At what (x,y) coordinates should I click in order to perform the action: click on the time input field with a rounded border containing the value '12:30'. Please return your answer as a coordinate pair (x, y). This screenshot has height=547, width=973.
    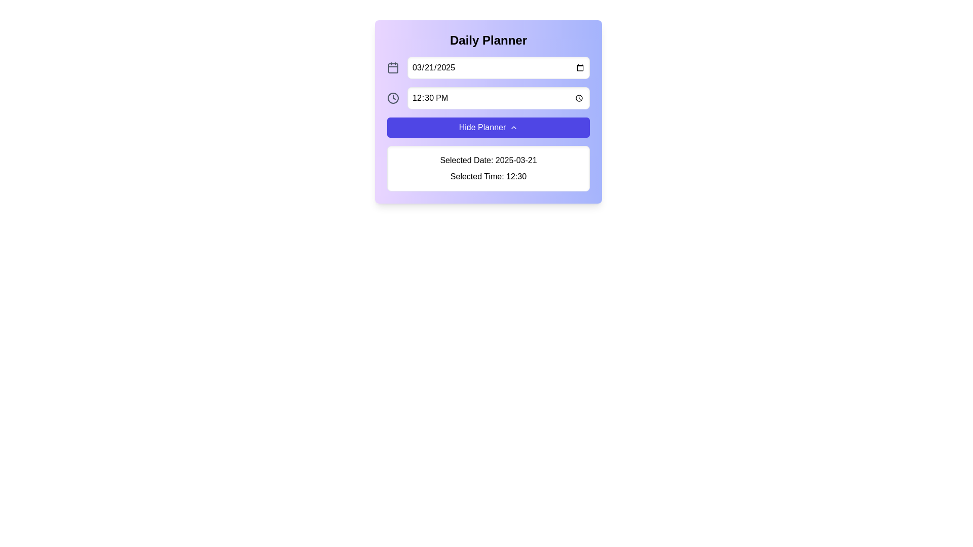
    Looking at the image, I should click on (498, 98).